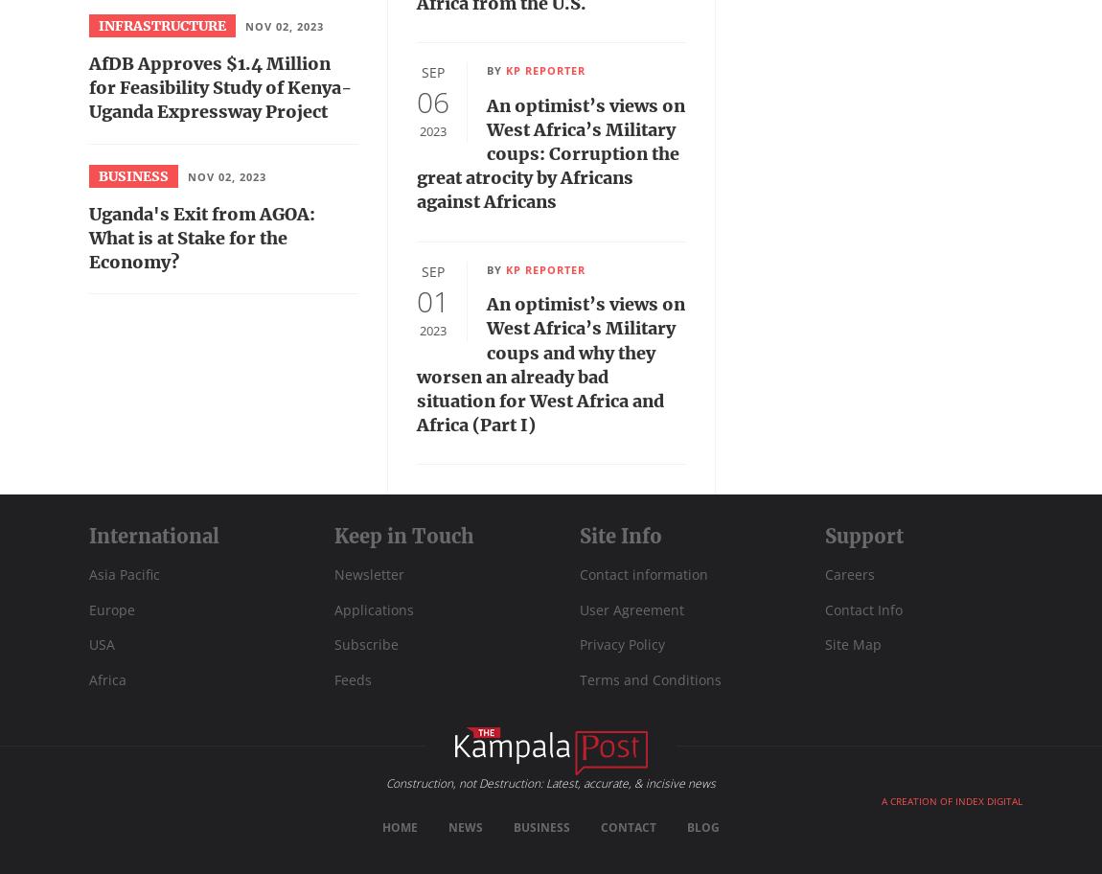  I want to click on 'Site Map', so click(853, 643).